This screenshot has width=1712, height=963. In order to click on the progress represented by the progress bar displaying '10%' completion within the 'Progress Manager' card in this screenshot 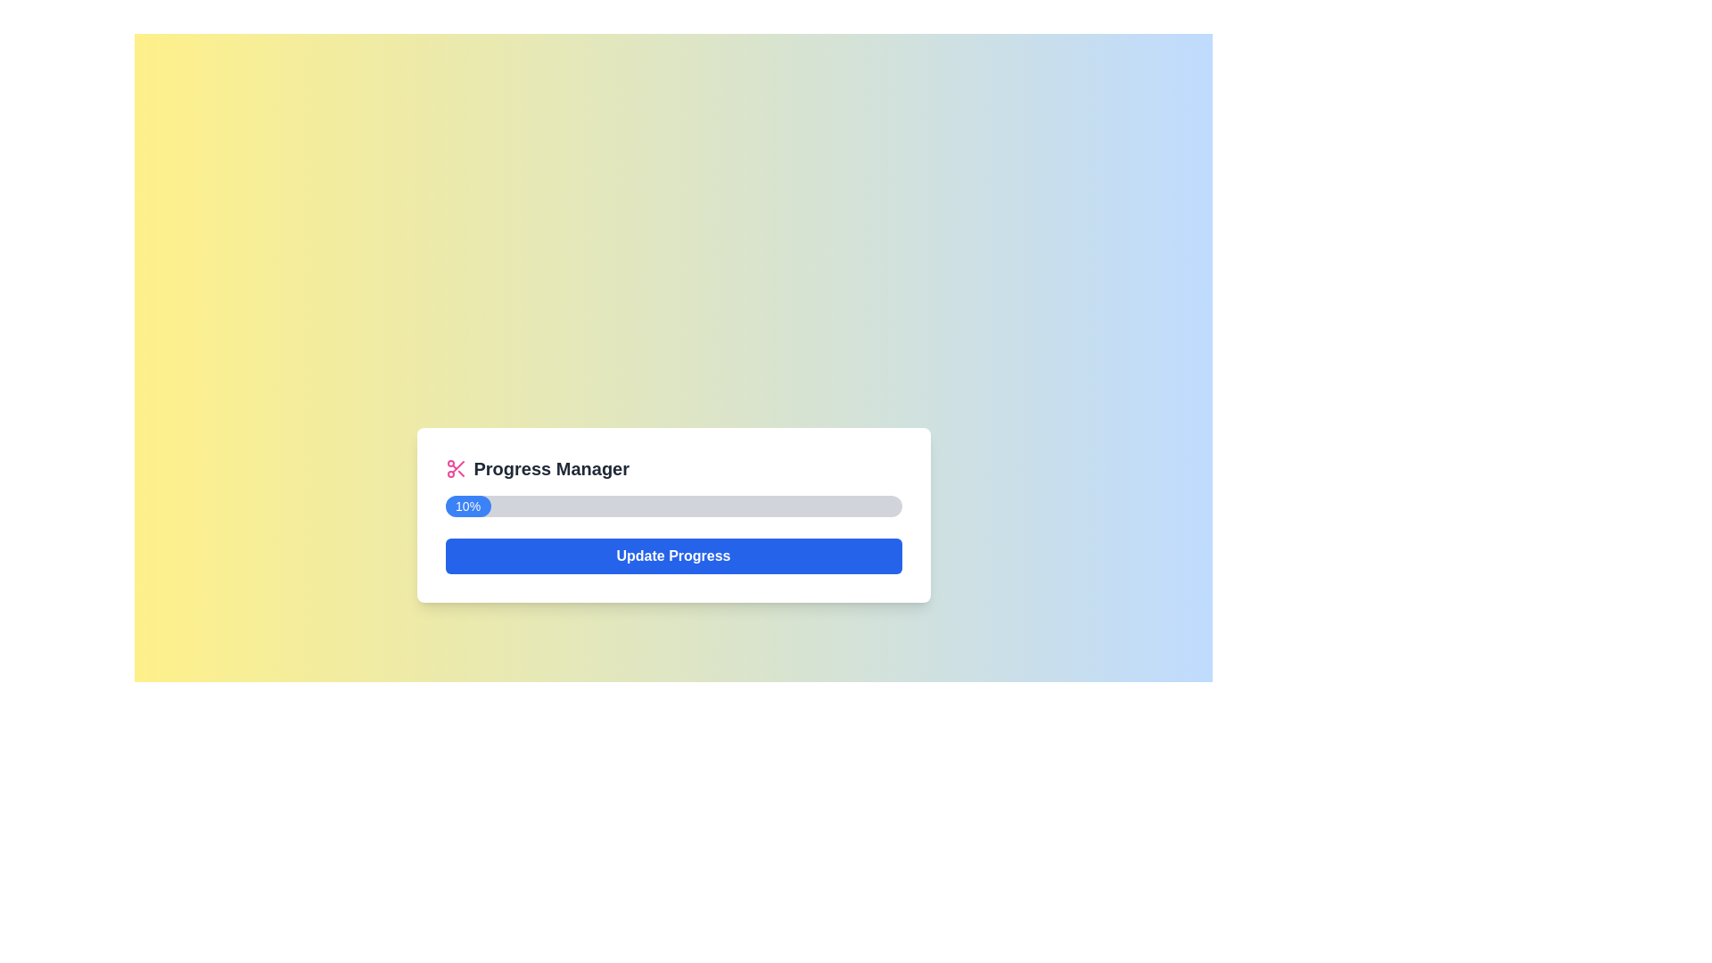, I will do `click(672, 506)`.